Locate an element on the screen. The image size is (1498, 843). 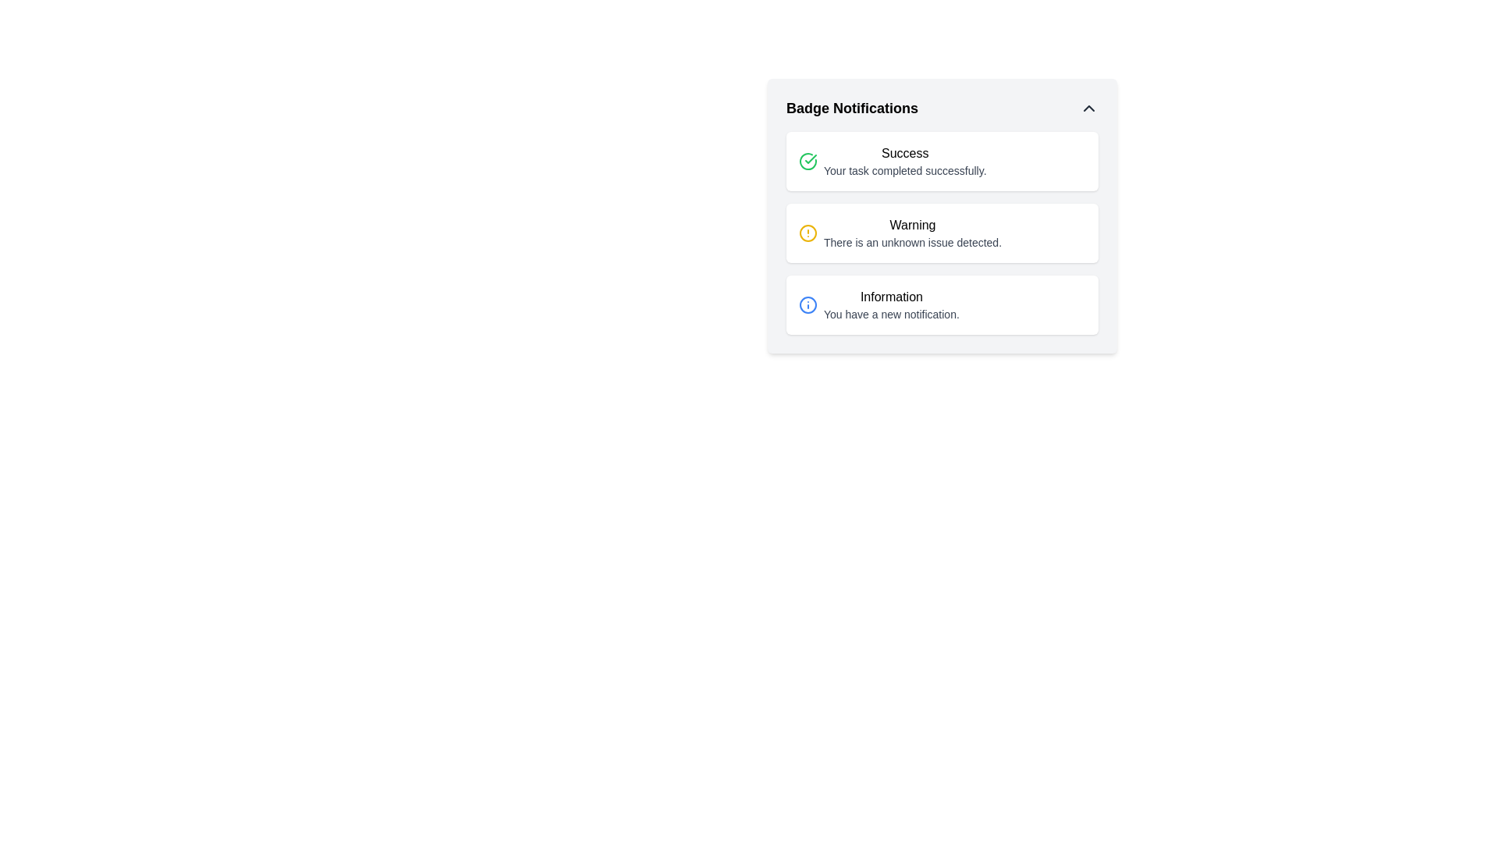
the Notification Card displaying a warning message, which is the second card in the list of notifications, located between the 'Success' and 'Information' cards is located at coordinates (942, 233).